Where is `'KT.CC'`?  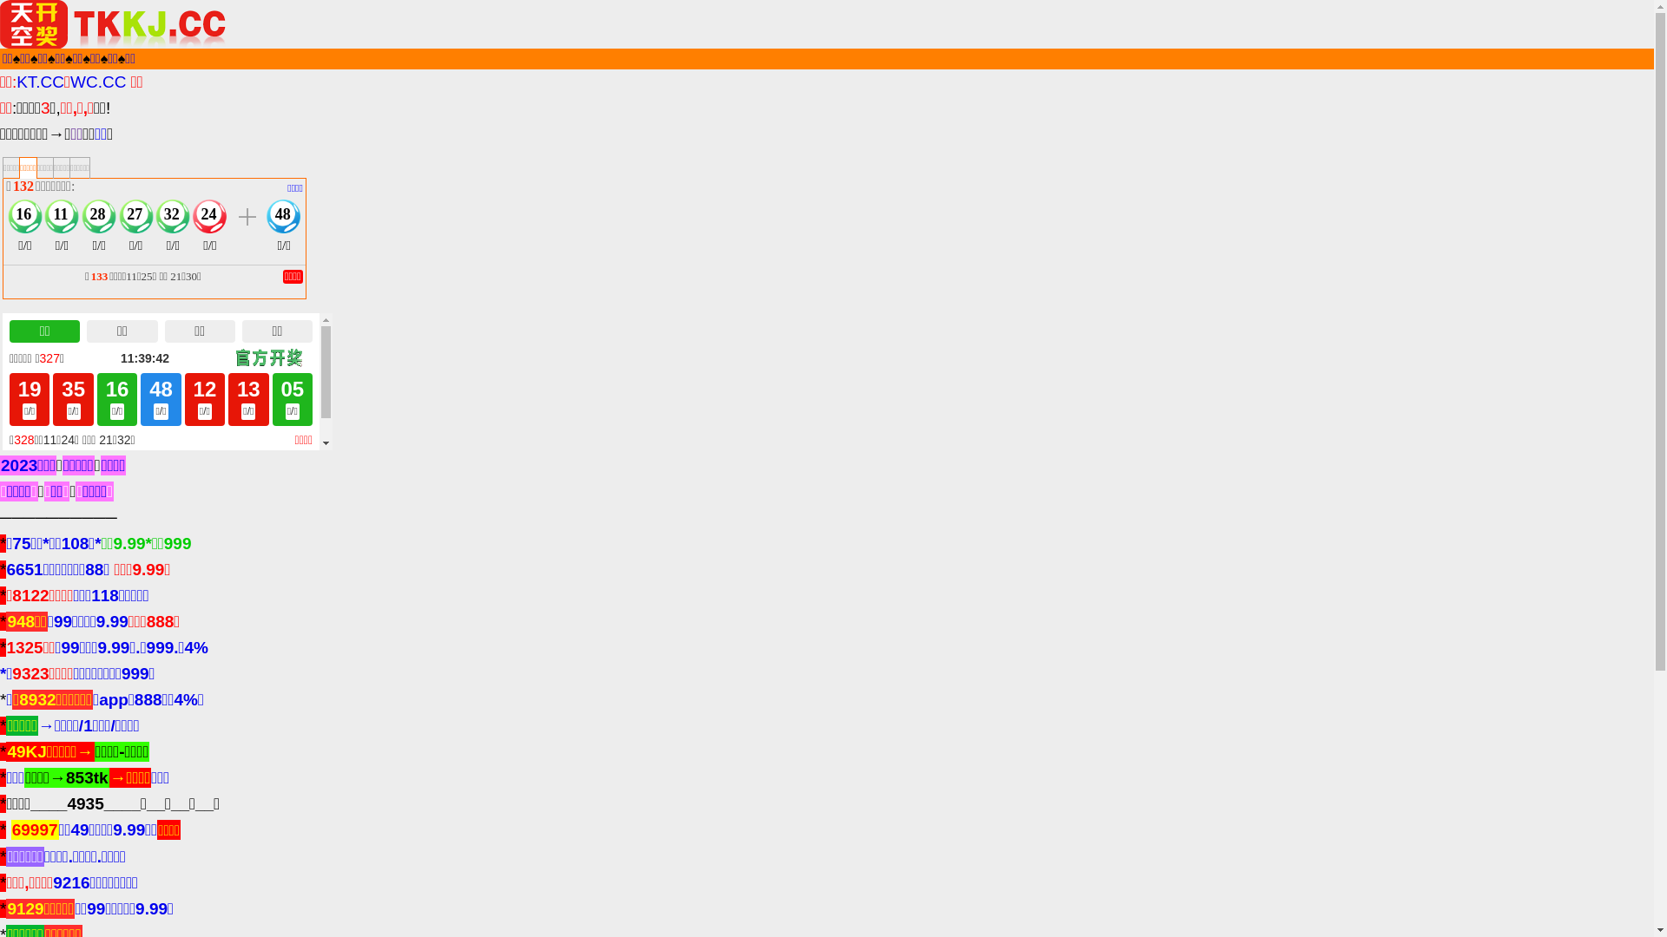 'KT.CC' is located at coordinates (16, 82).